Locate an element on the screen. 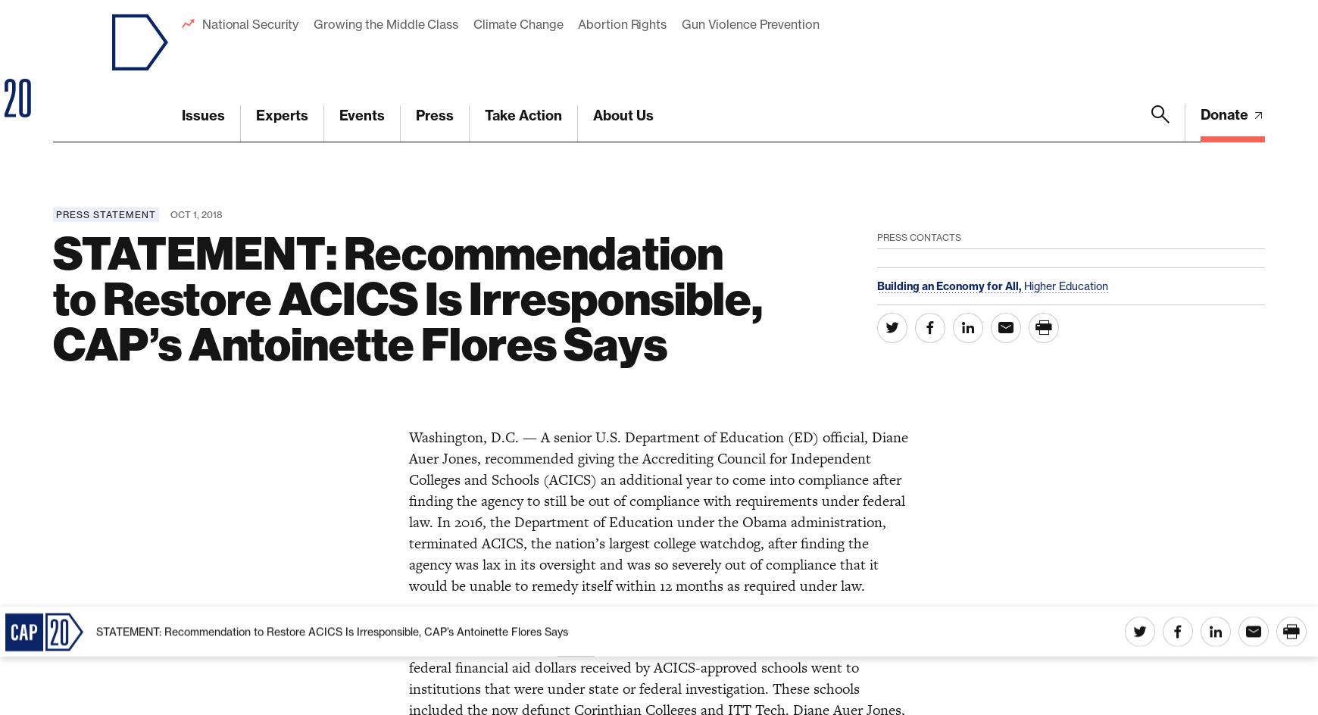 The width and height of the screenshot is (1318, 715). 'For more information,' is located at coordinates (484, 529).